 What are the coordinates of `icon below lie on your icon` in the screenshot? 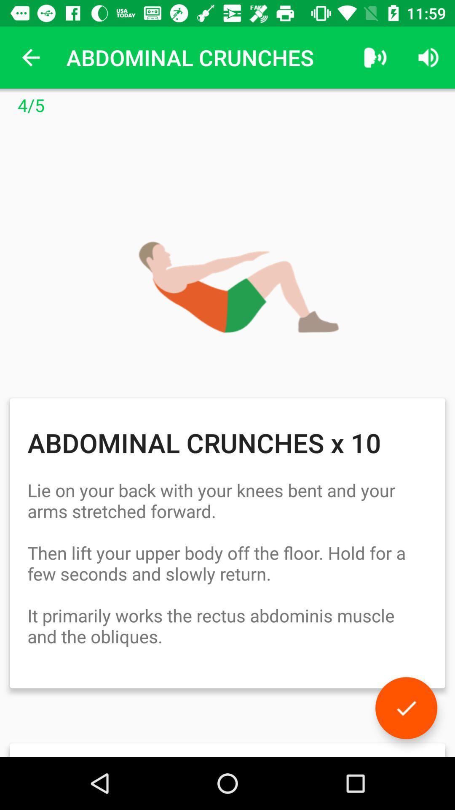 It's located at (406, 708).